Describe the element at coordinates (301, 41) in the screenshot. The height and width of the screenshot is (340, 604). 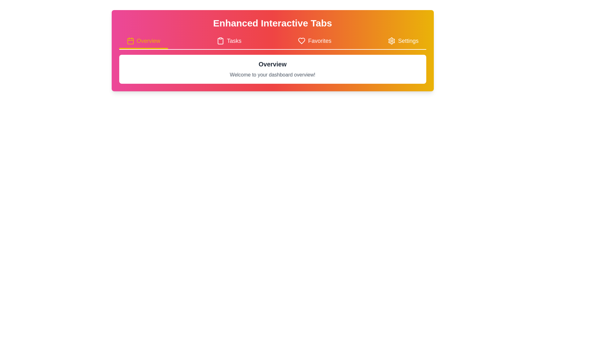
I see `the heart icon that serves as a visual indicator for the 'Favorites' section, located at the top center of the interface, between the 'Tasks' button and the 'Settings' button` at that location.